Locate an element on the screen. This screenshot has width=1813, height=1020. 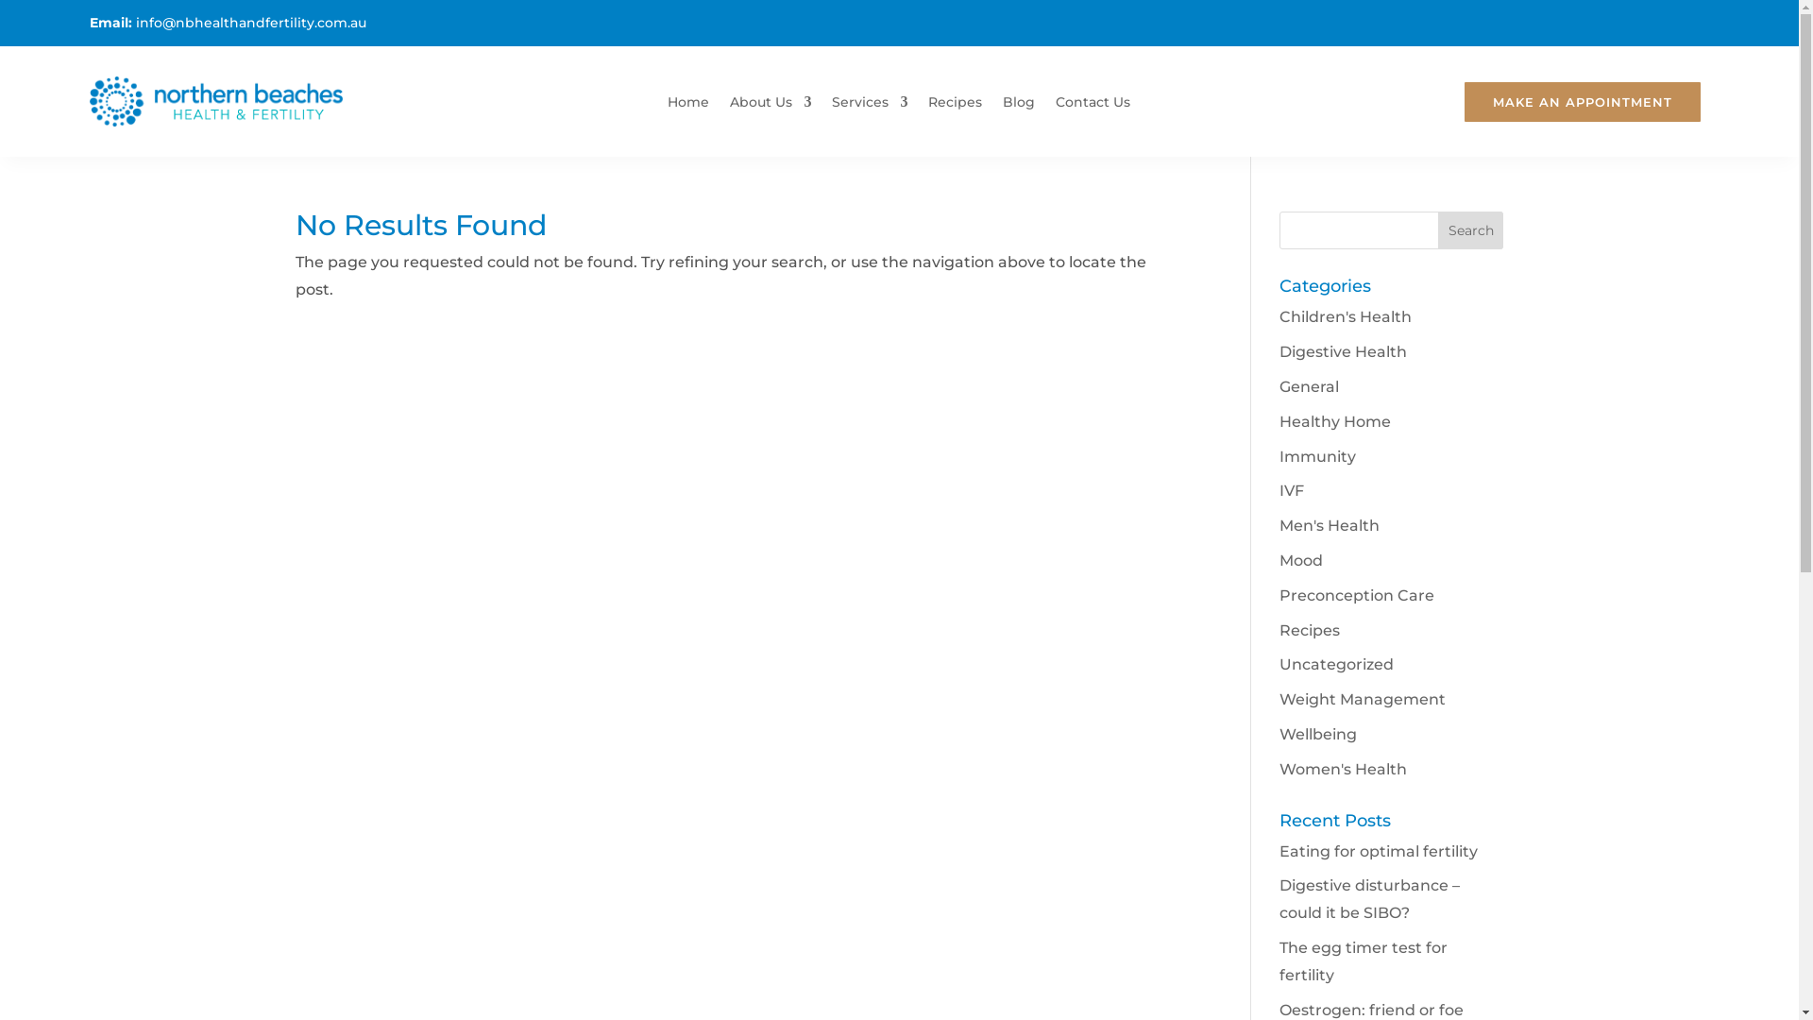
'Blog' is located at coordinates (1018, 105).